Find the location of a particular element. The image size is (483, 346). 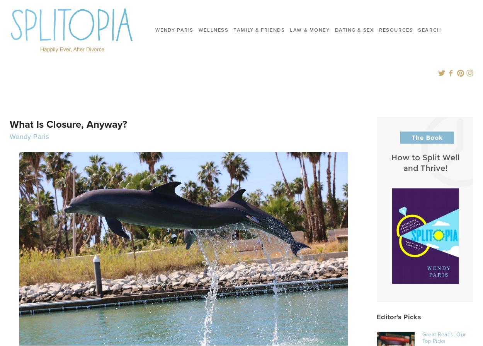

'Great Reads: Our Top Picks' is located at coordinates (444, 337).